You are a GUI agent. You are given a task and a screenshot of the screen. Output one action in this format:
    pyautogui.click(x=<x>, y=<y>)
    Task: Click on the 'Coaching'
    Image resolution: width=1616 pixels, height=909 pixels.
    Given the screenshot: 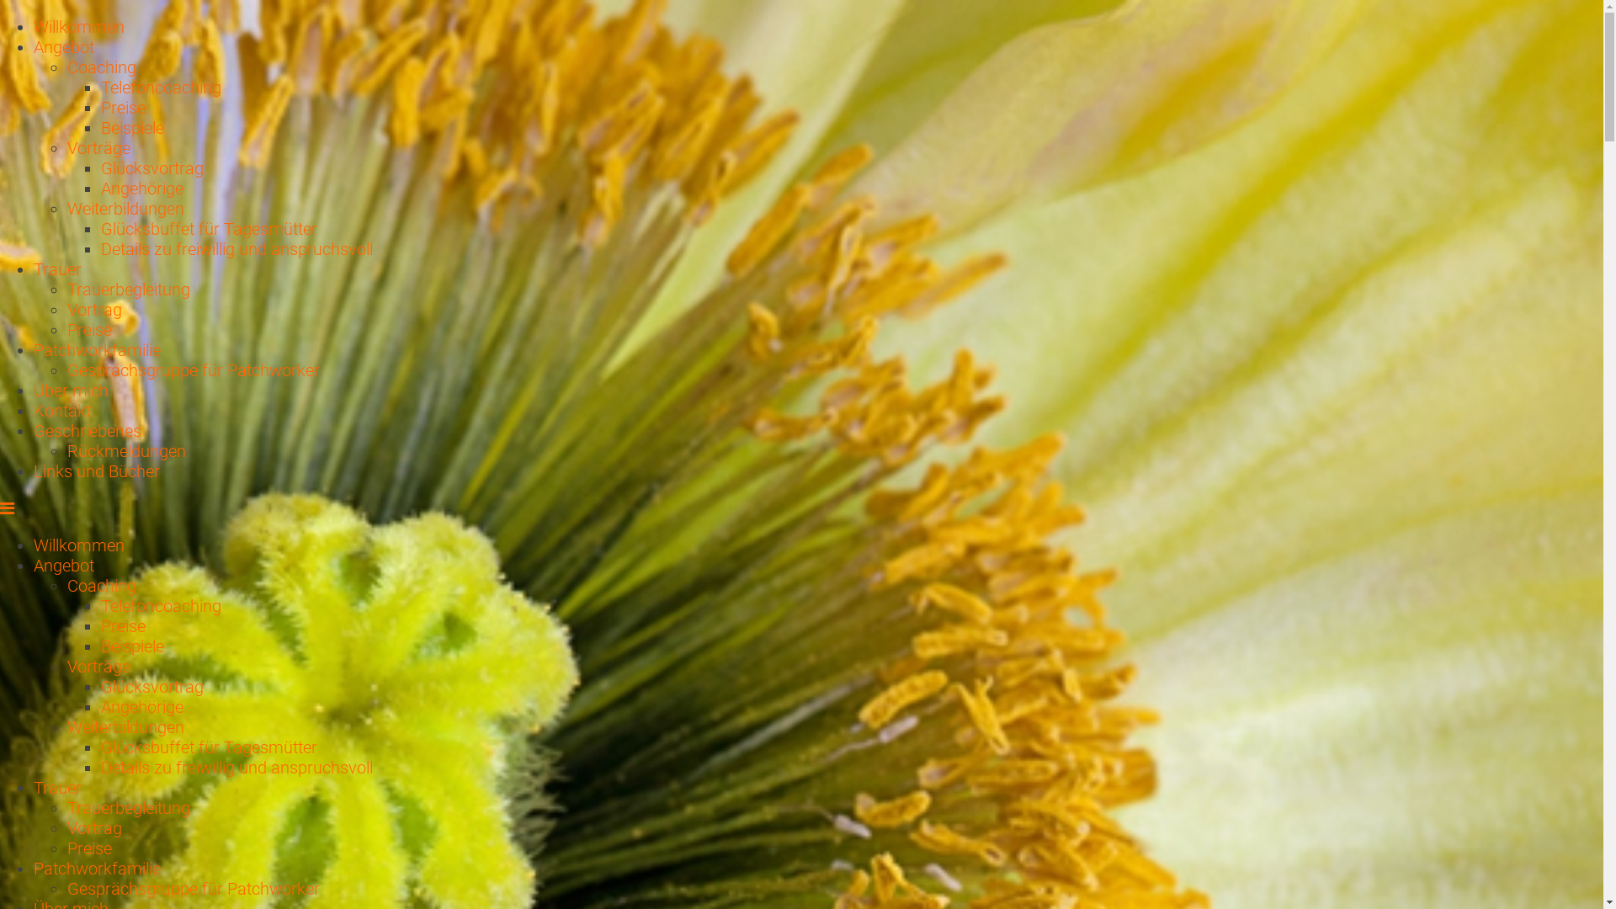 What is the action you would take?
    pyautogui.click(x=100, y=584)
    